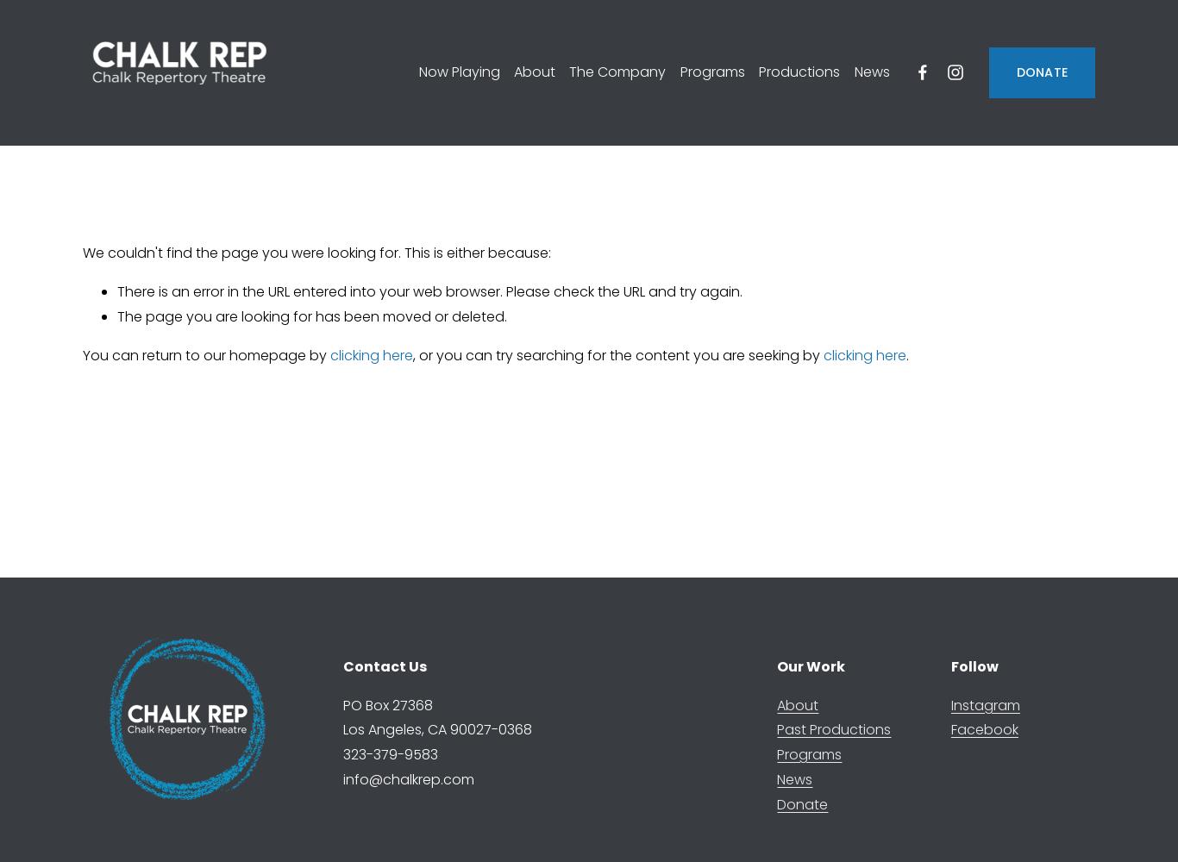 This screenshot has width=1178, height=862. I want to click on 'Los Angeles, CA 90027-0368', so click(436, 728).